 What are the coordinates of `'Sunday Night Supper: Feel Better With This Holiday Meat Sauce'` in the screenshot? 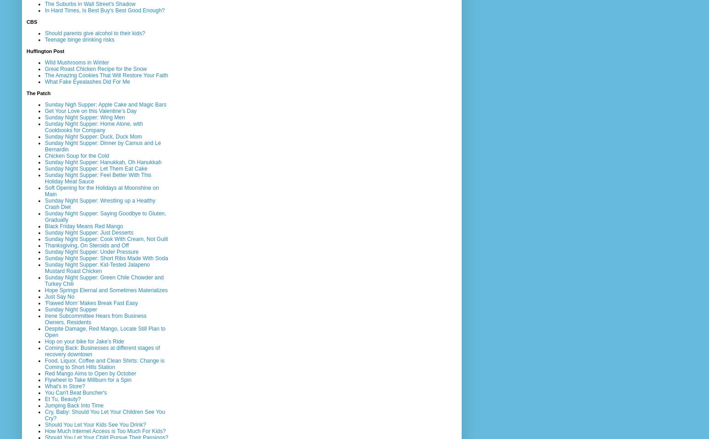 It's located at (97, 177).